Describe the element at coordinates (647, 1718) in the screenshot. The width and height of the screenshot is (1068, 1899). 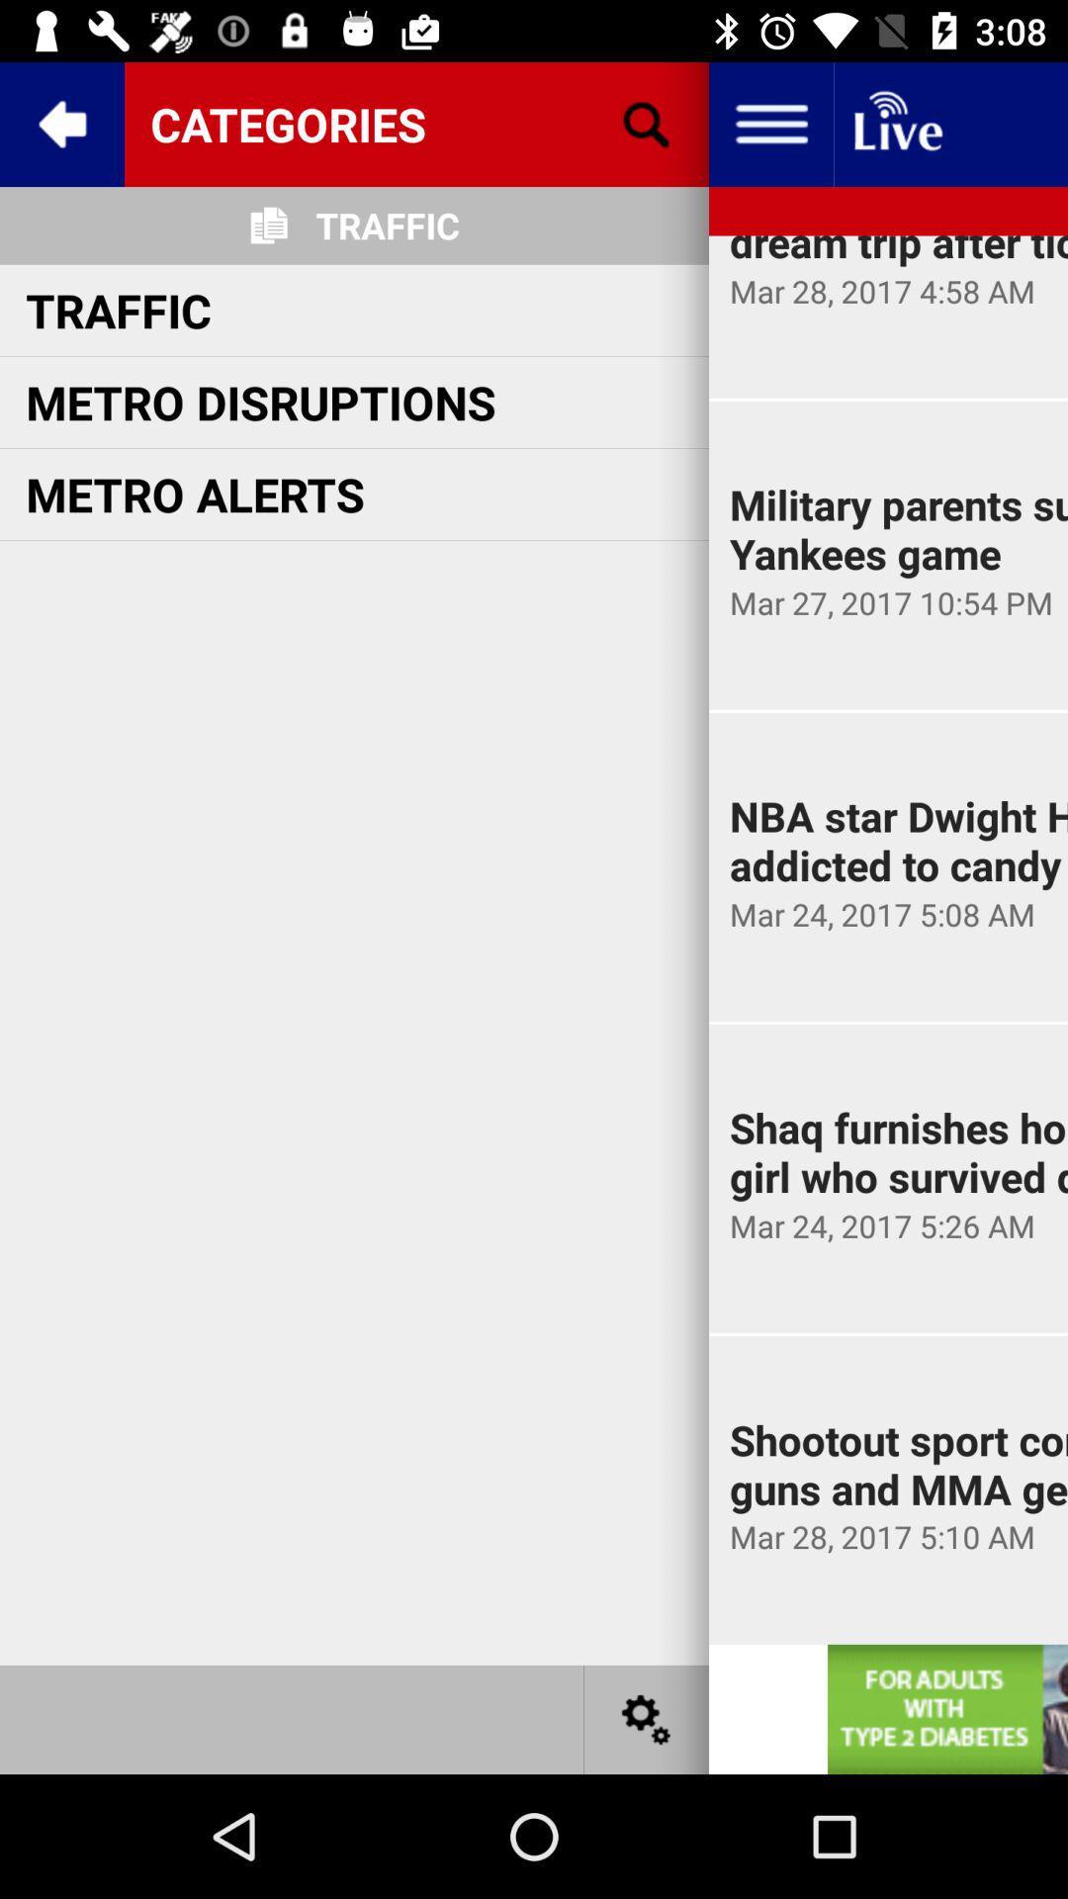
I see `the settings icon` at that location.